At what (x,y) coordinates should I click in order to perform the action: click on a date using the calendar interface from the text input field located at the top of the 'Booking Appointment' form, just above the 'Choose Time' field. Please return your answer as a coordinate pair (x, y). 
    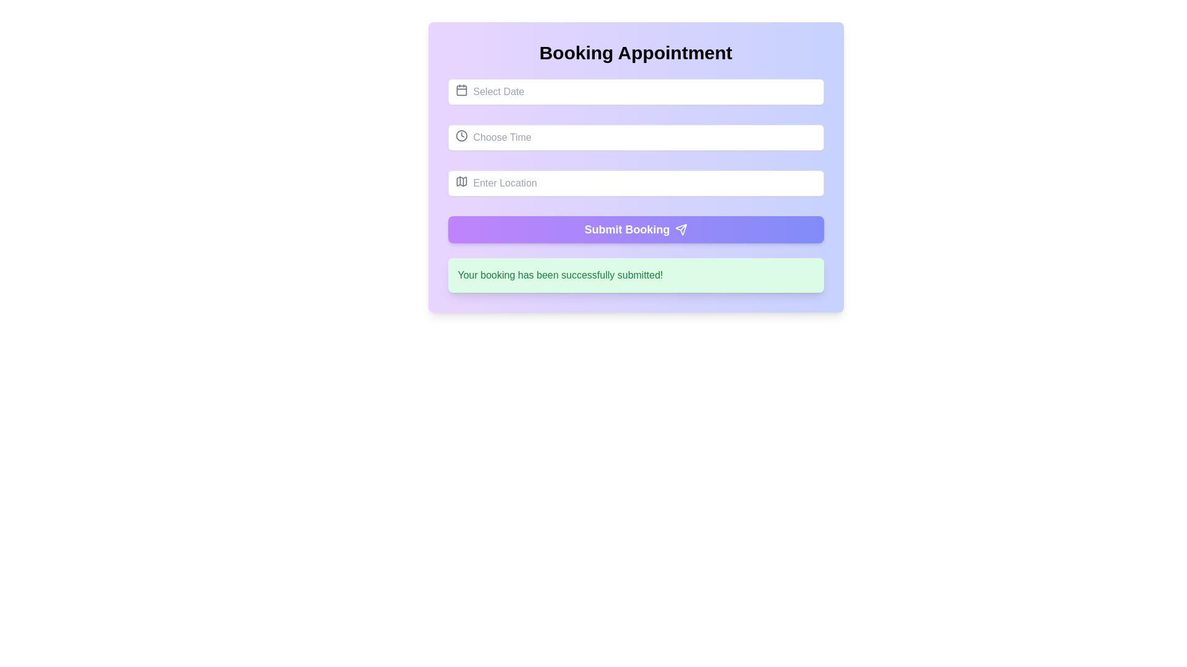
    Looking at the image, I should click on (636, 91).